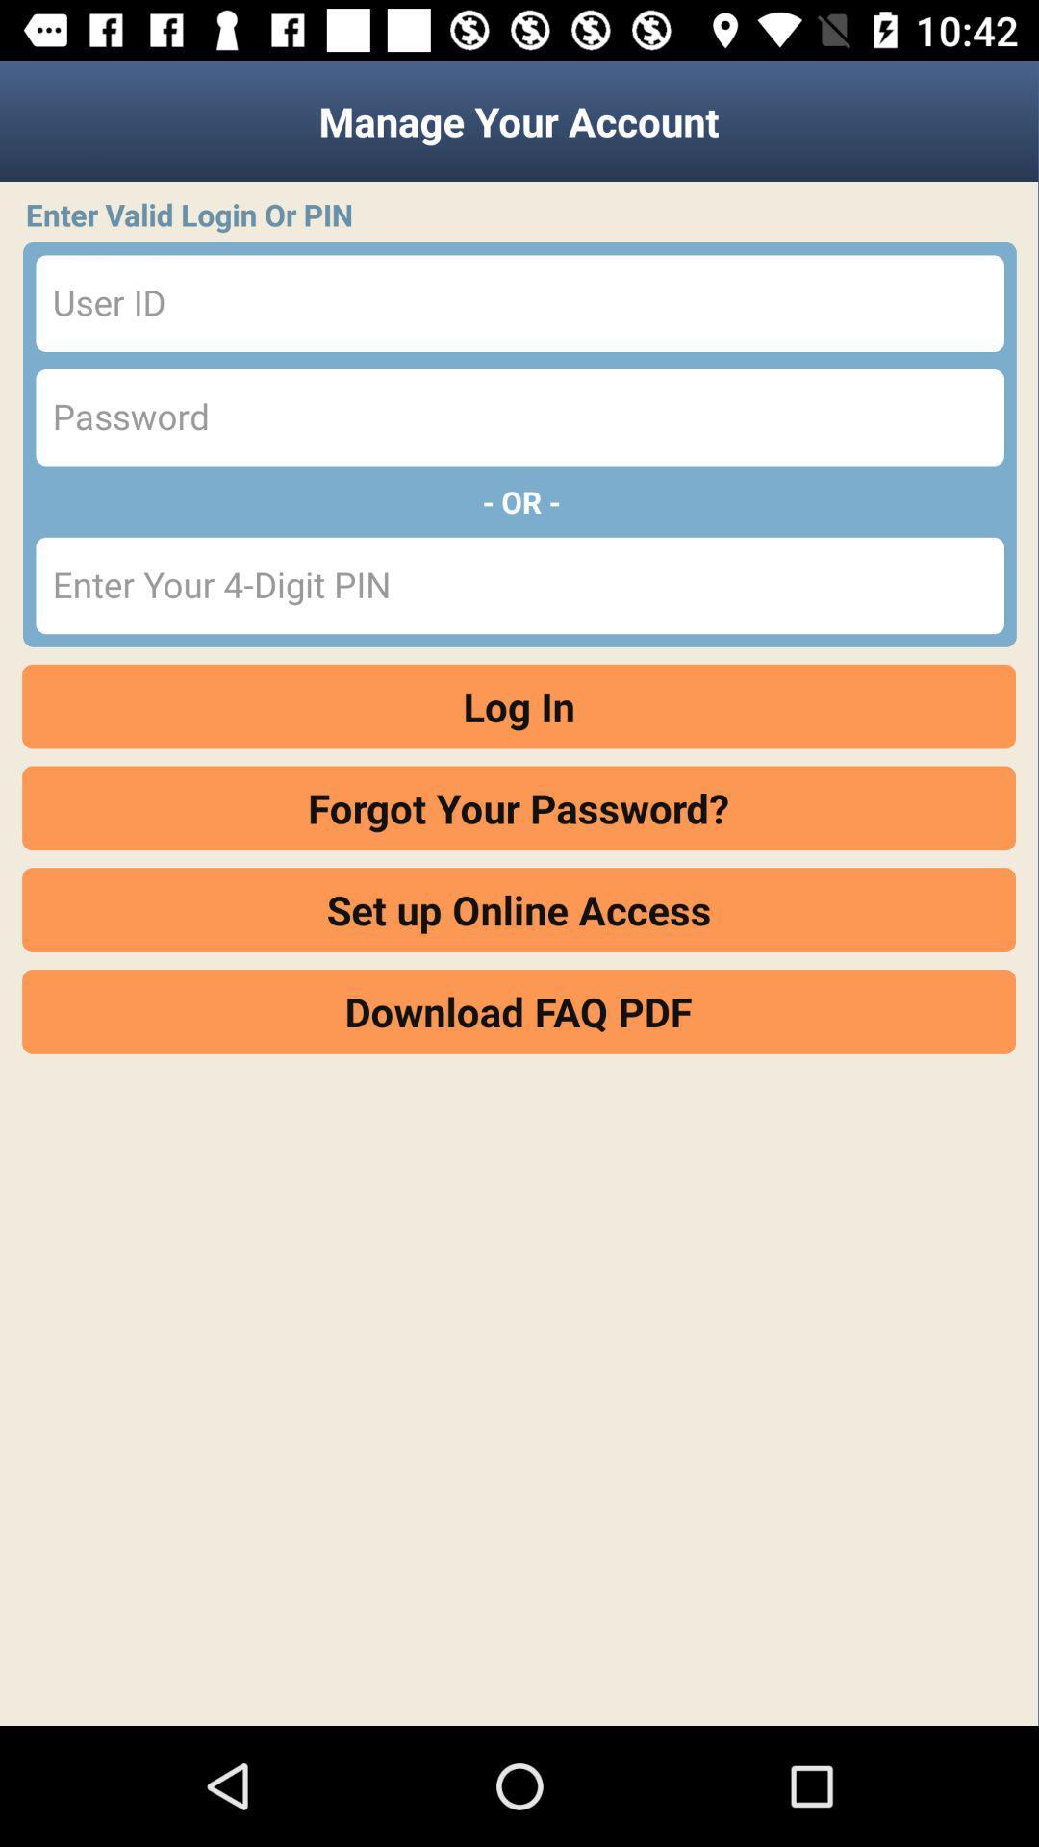 This screenshot has width=1039, height=1847. What do you see at coordinates (518, 909) in the screenshot?
I see `item above the download faq pdf icon` at bounding box center [518, 909].